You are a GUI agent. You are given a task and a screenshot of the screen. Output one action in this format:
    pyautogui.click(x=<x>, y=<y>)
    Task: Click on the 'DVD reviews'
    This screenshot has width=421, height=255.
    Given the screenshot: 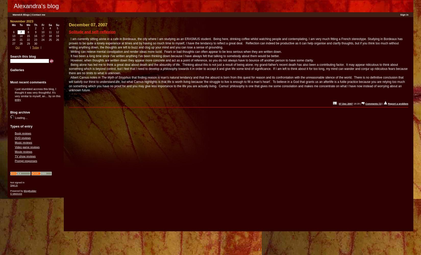 What is the action you would take?
    pyautogui.click(x=15, y=138)
    